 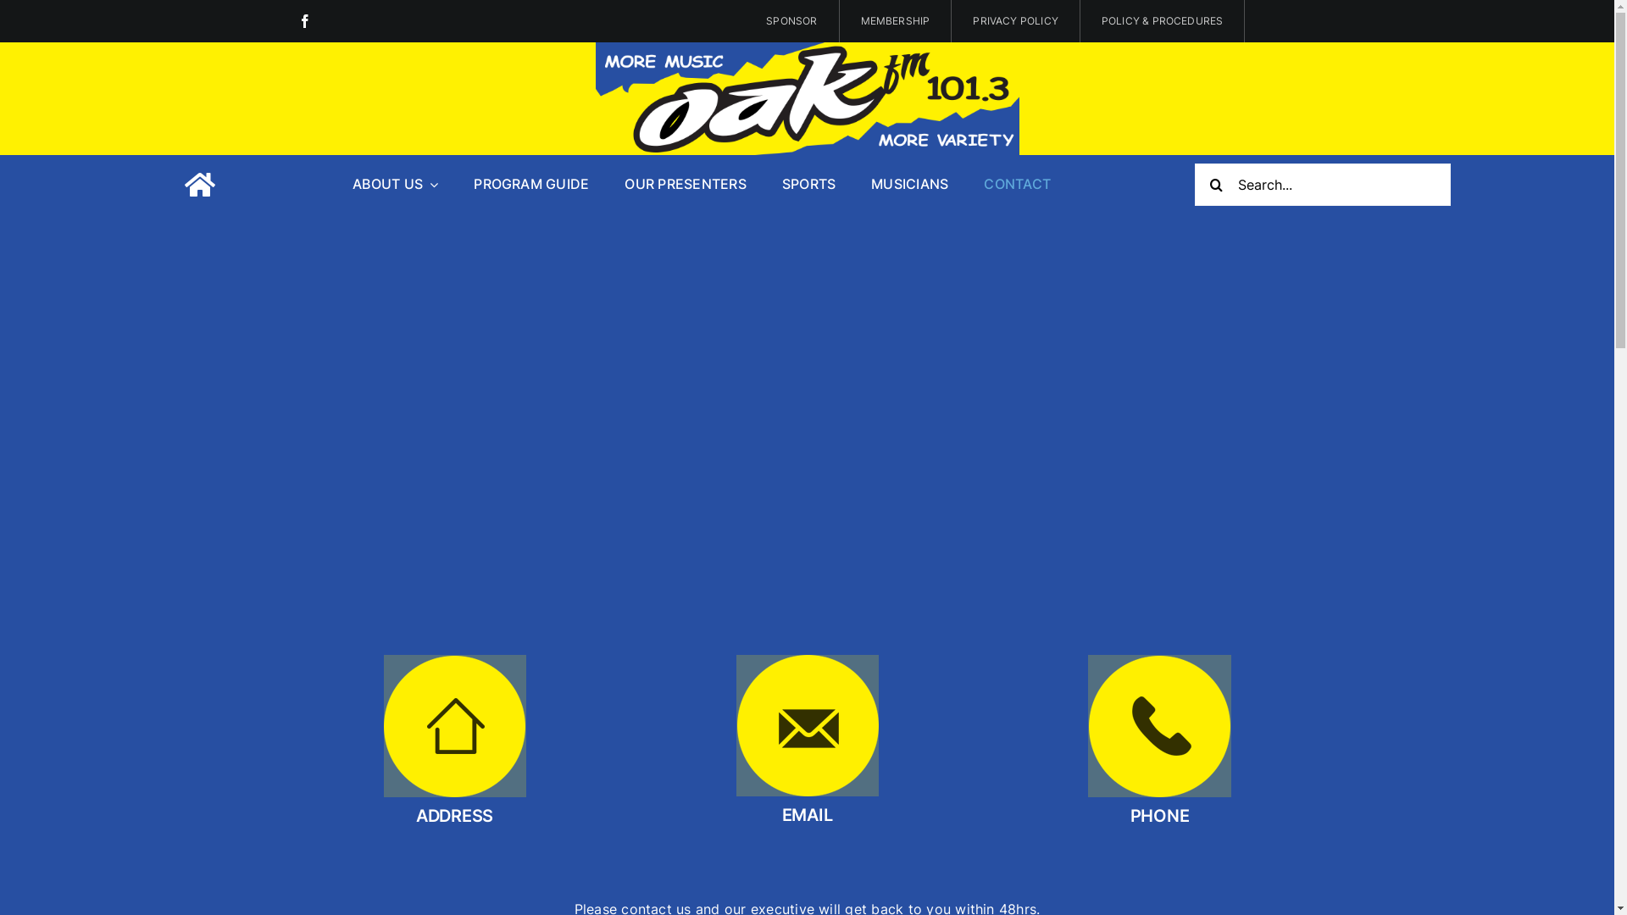 I want to click on 'CONTACT', so click(x=1017, y=185).